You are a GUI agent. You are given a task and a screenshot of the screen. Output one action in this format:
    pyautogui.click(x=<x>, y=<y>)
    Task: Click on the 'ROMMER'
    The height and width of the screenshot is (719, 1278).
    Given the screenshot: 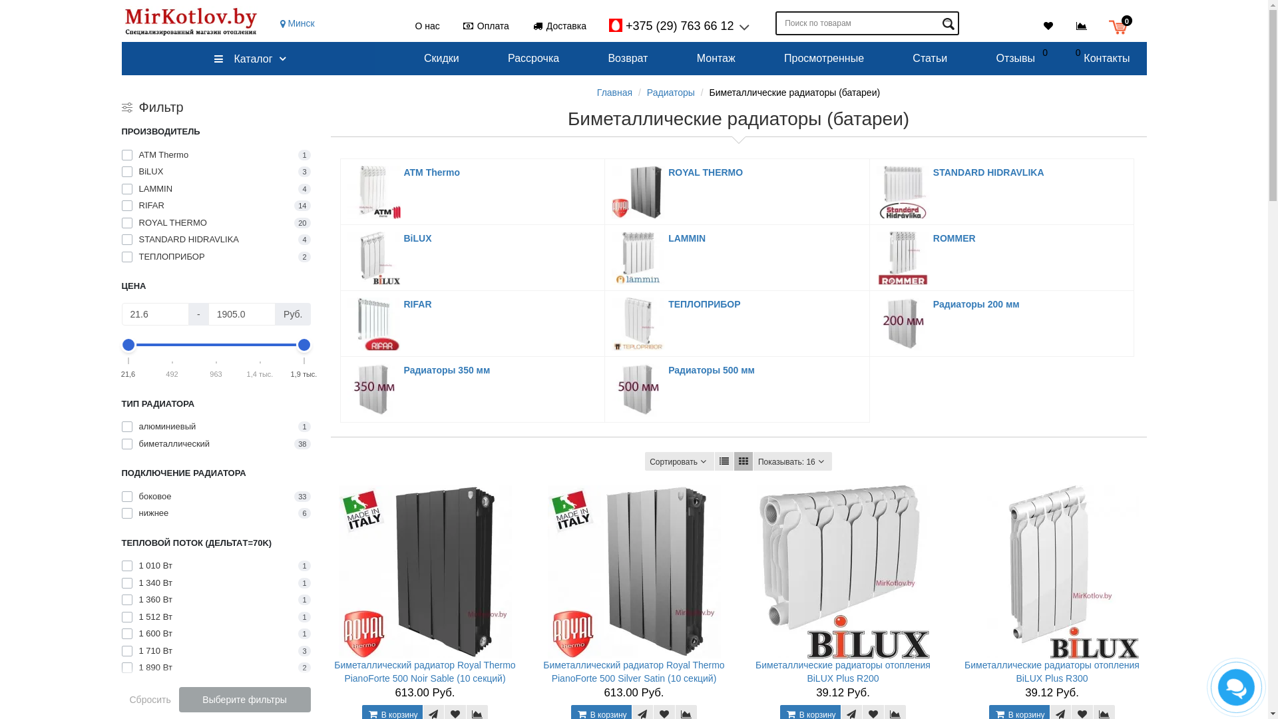 What is the action you would take?
    pyautogui.click(x=903, y=258)
    